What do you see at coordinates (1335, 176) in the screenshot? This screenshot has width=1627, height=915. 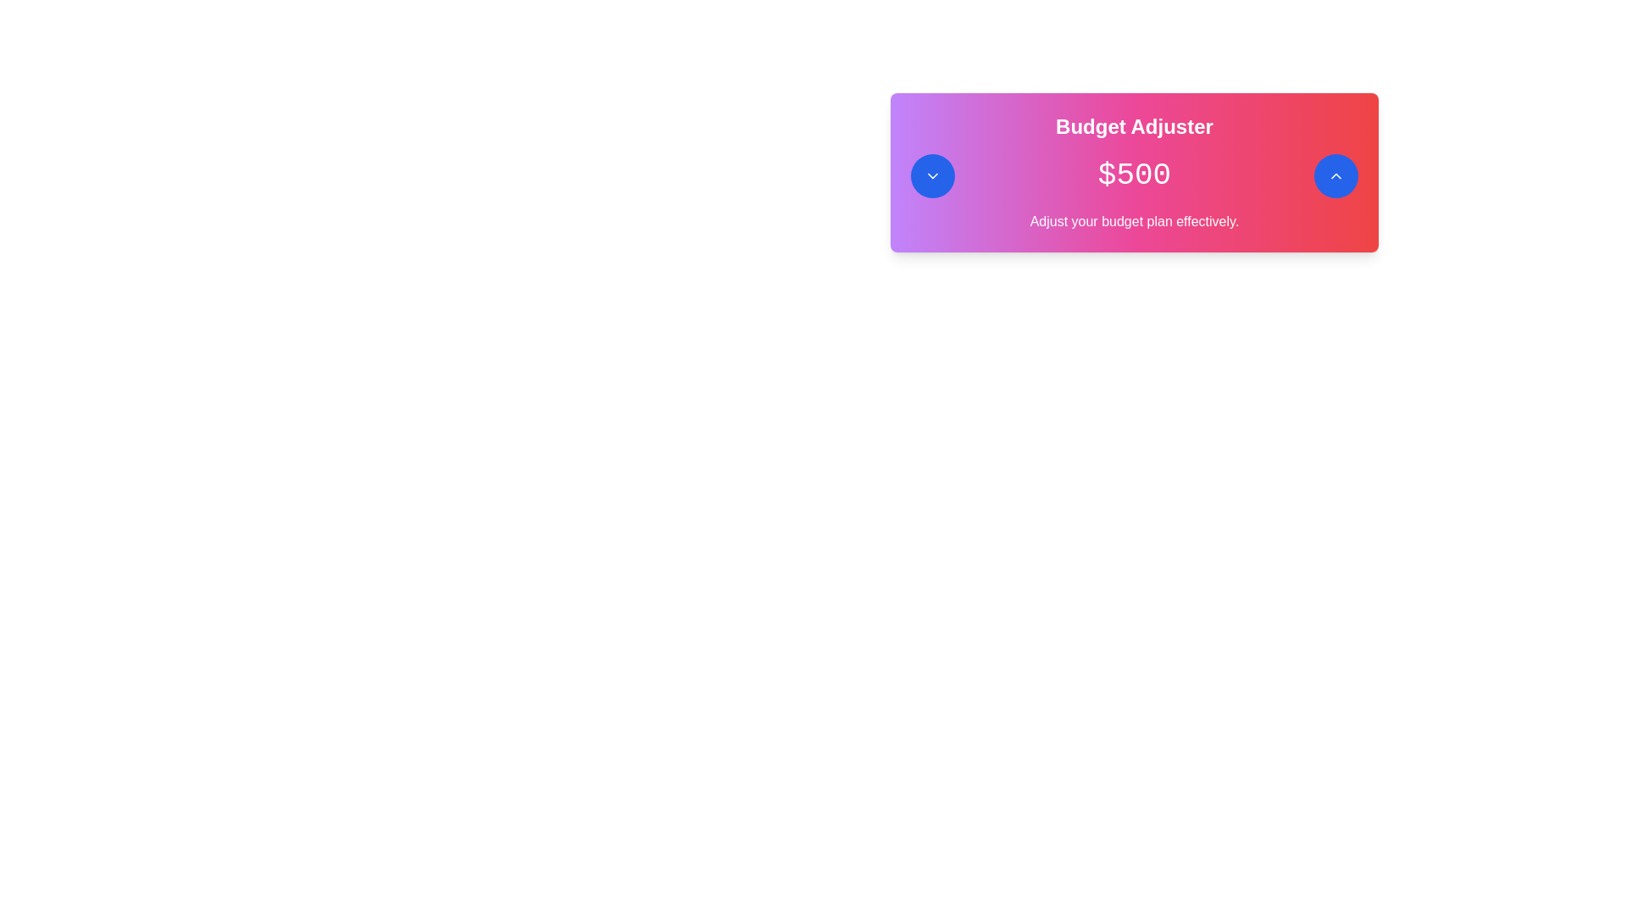 I see `the upward-pointing chevron icon within the blue circular button on the left side of the Budget Adjuster panel` at bounding box center [1335, 176].